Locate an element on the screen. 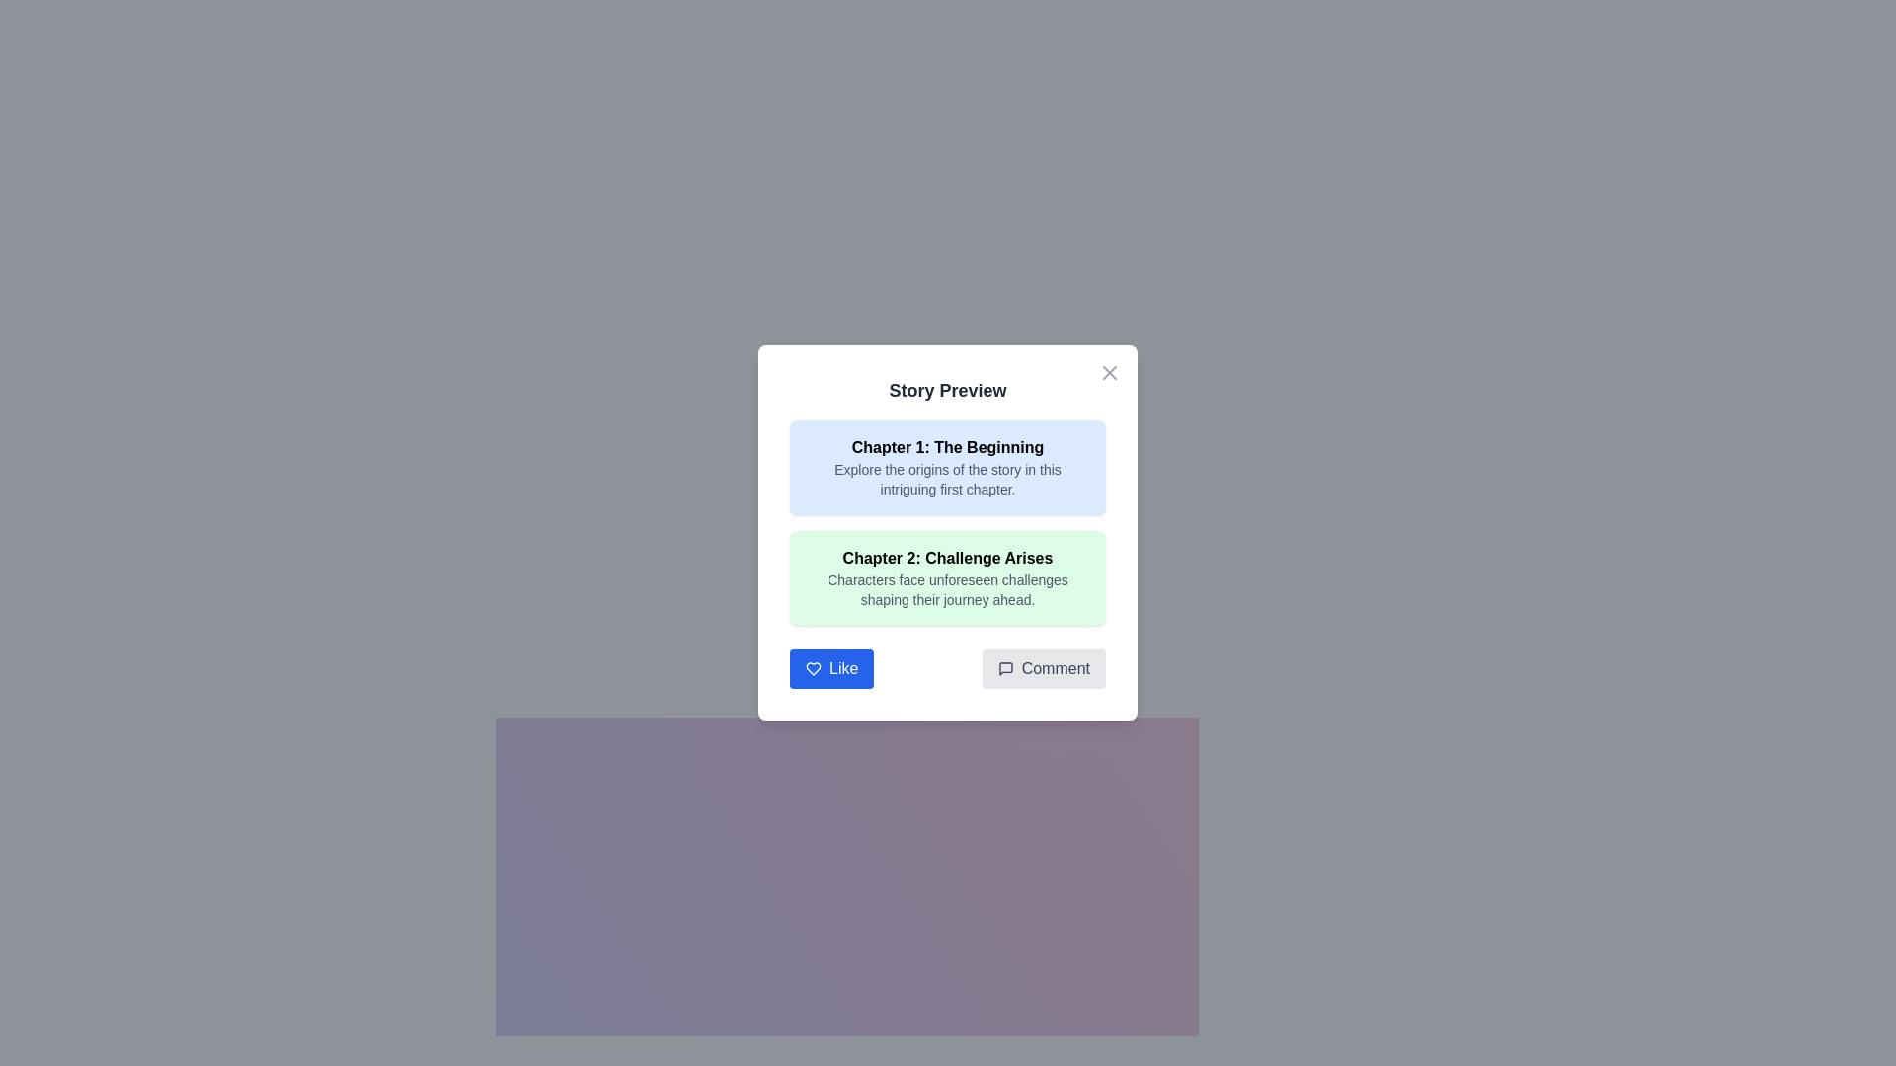  the comment button containing the speech bubble icon at the bottom right corner of the dialog box is located at coordinates (1005, 668).